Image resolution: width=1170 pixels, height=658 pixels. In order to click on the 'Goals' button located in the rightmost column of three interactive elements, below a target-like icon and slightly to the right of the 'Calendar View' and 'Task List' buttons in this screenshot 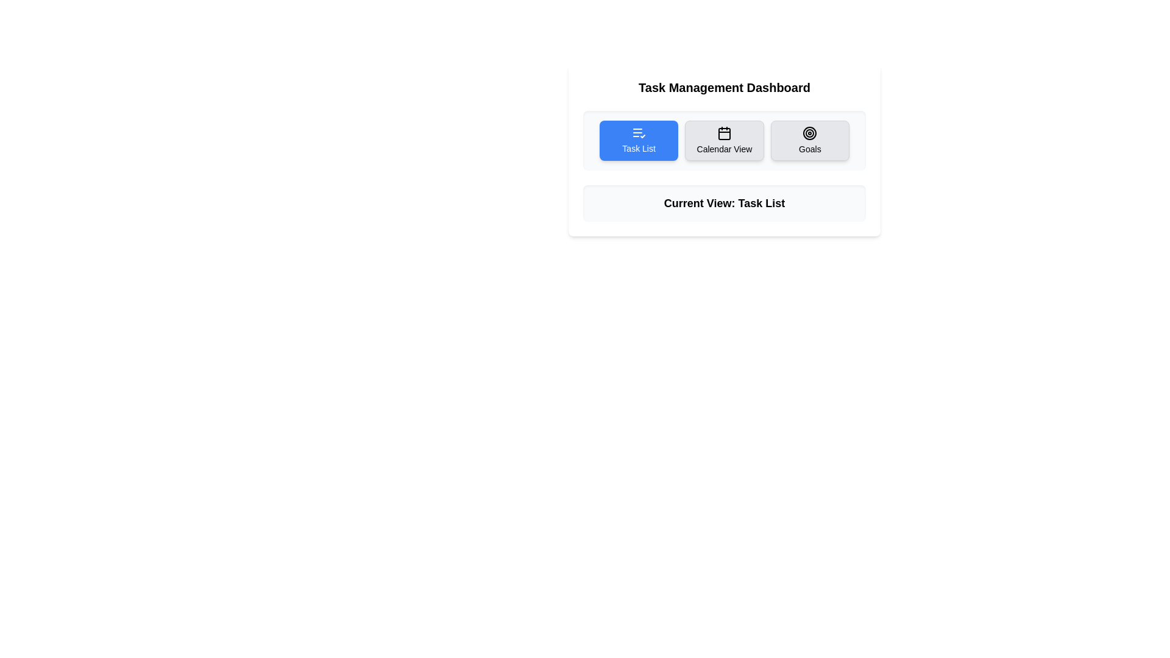, I will do `click(810, 149)`.